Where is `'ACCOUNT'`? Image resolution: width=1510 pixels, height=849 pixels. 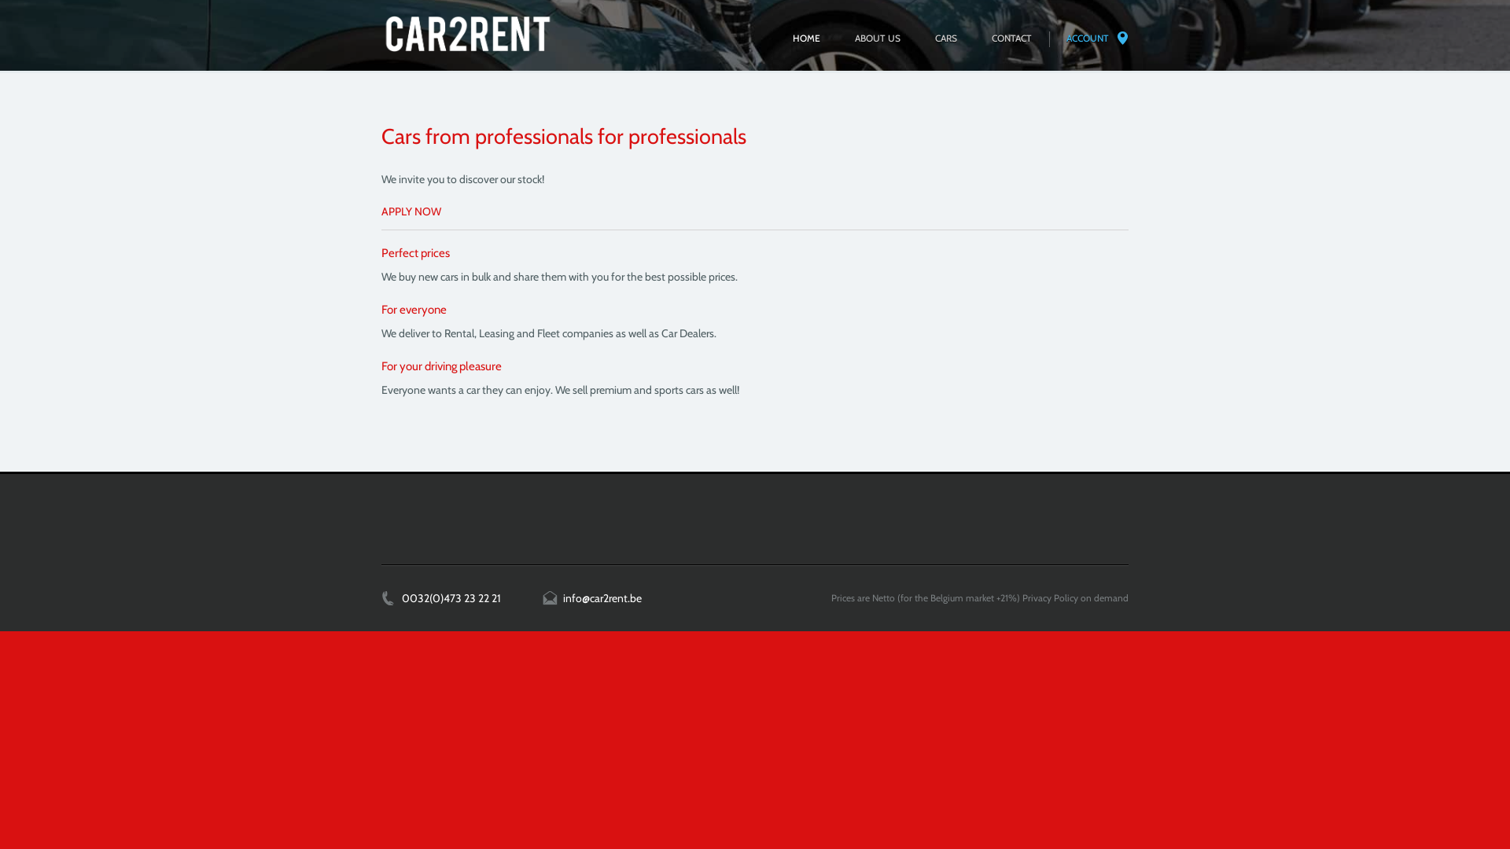 'ACCOUNT' is located at coordinates (1088, 39).